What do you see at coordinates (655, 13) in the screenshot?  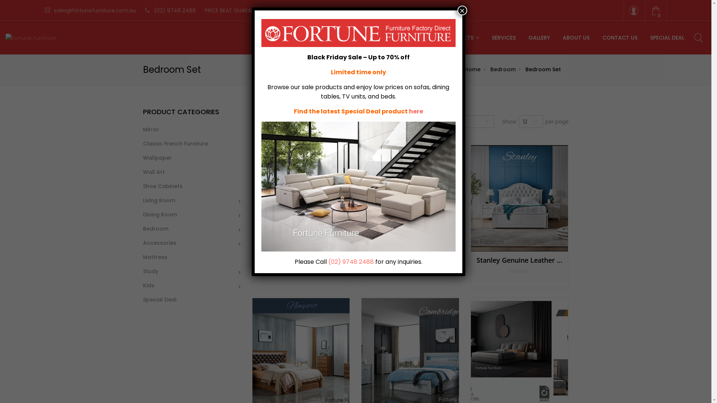 I see `'0'` at bounding box center [655, 13].